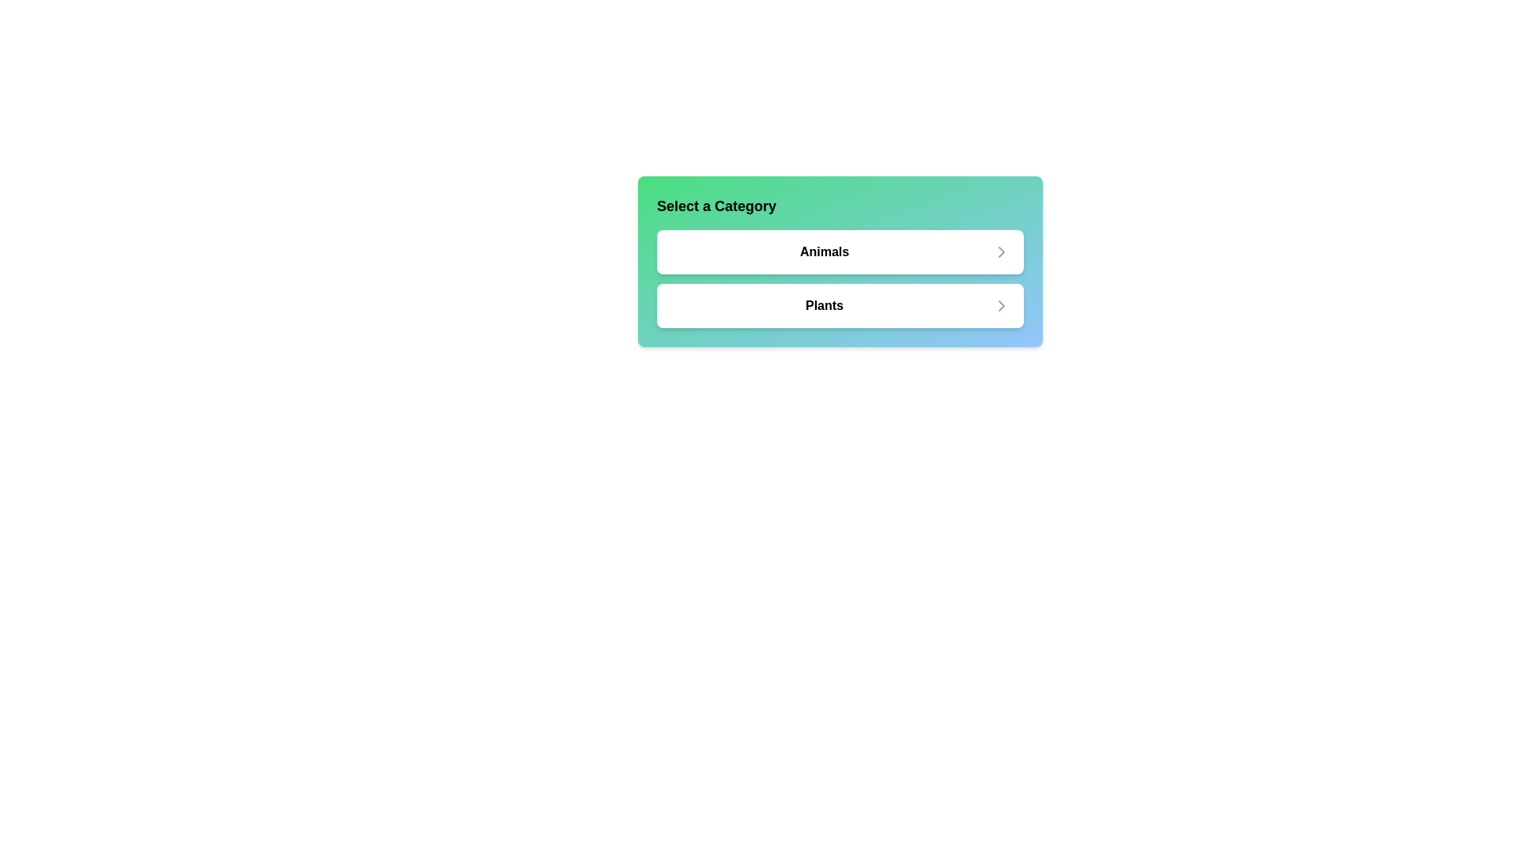 Image resolution: width=1518 pixels, height=854 pixels. What do you see at coordinates (823, 251) in the screenshot?
I see `the primary text label located at the first position of the list area, which serves as a category label above the 'Plants' card` at bounding box center [823, 251].